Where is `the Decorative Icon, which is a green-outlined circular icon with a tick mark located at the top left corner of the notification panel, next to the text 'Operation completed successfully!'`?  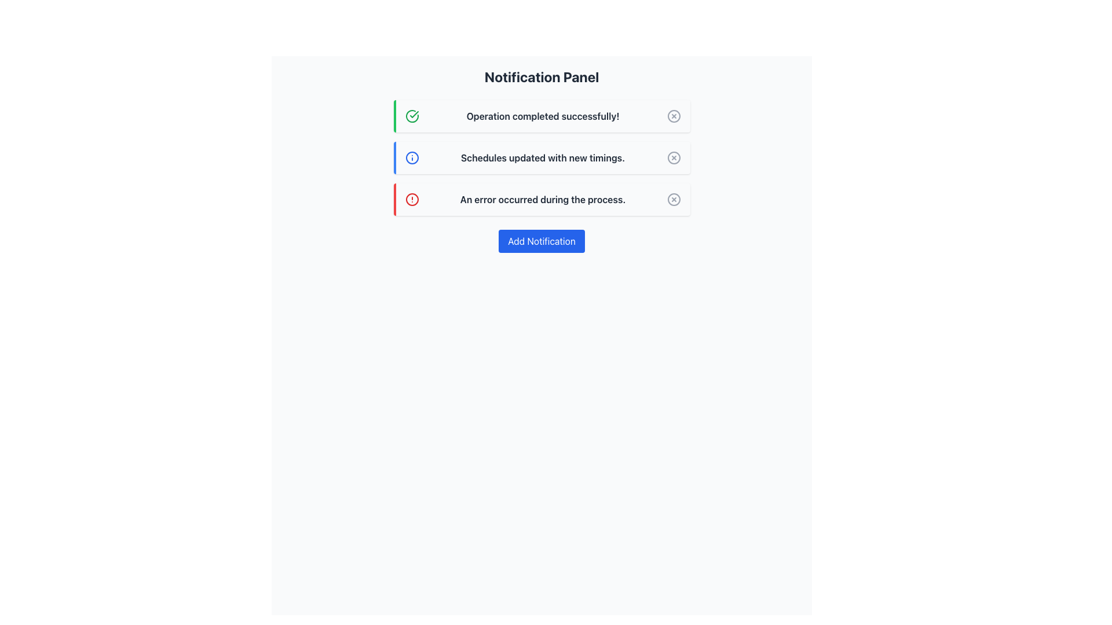 the Decorative Icon, which is a green-outlined circular icon with a tick mark located at the top left corner of the notification panel, next to the text 'Operation completed successfully!' is located at coordinates (412, 116).